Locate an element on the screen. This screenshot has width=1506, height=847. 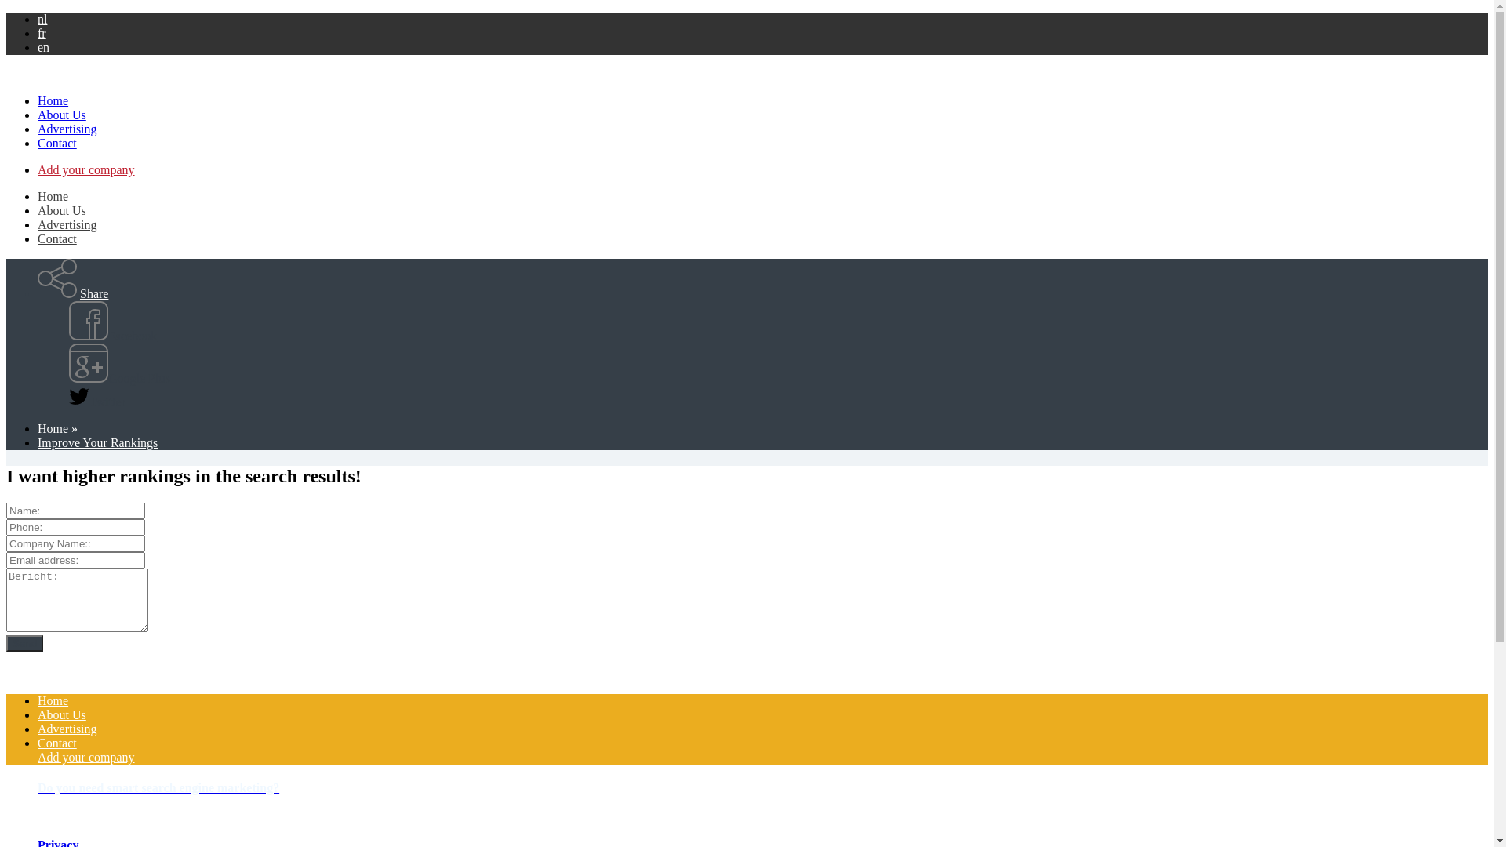
'Home' is located at coordinates (53, 100).